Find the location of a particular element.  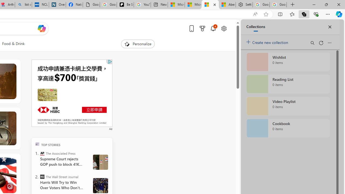

'Be Smart | creating Science videos | Patreon' is located at coordinates (125, 5).